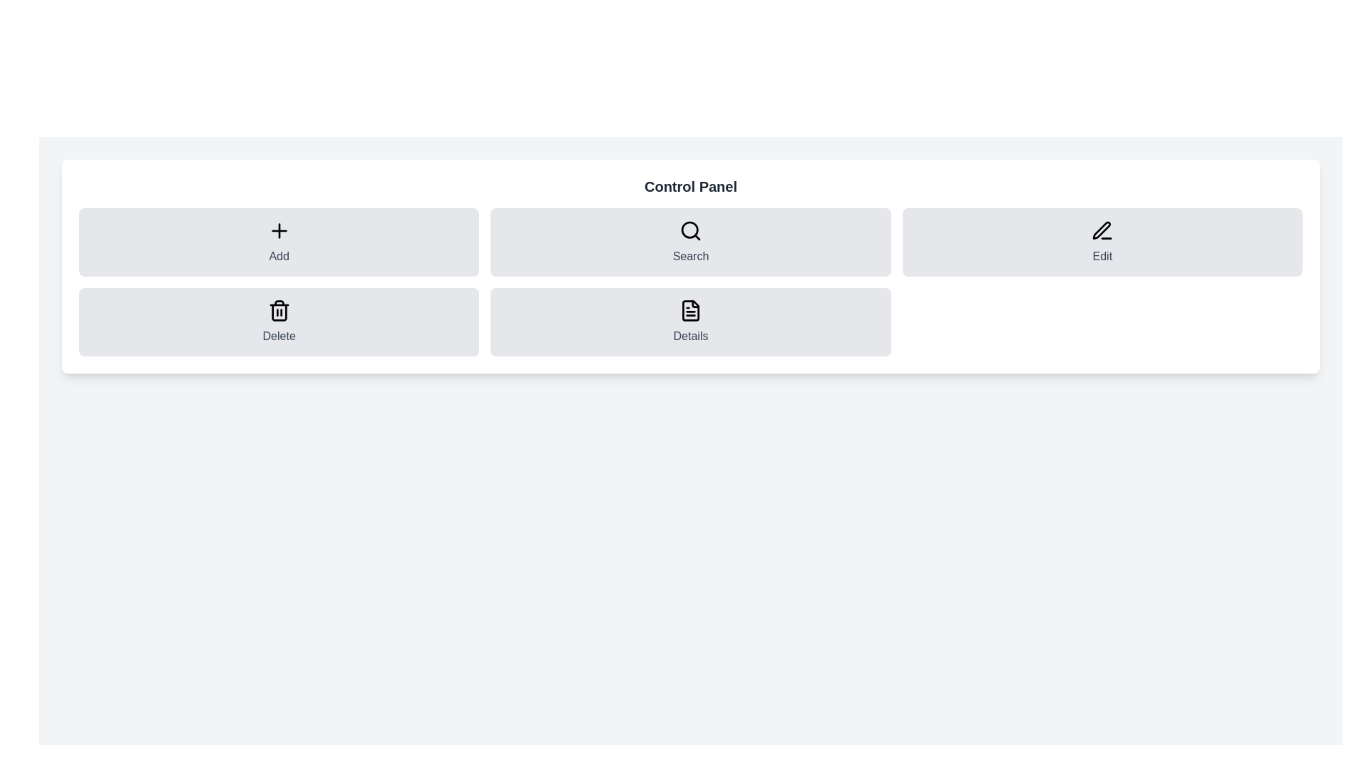 The height and width of the screenshot is (770, 1369). I want to click on the 'Edit' icon located in the top-right panel of the control panel, so click(1102, 230).